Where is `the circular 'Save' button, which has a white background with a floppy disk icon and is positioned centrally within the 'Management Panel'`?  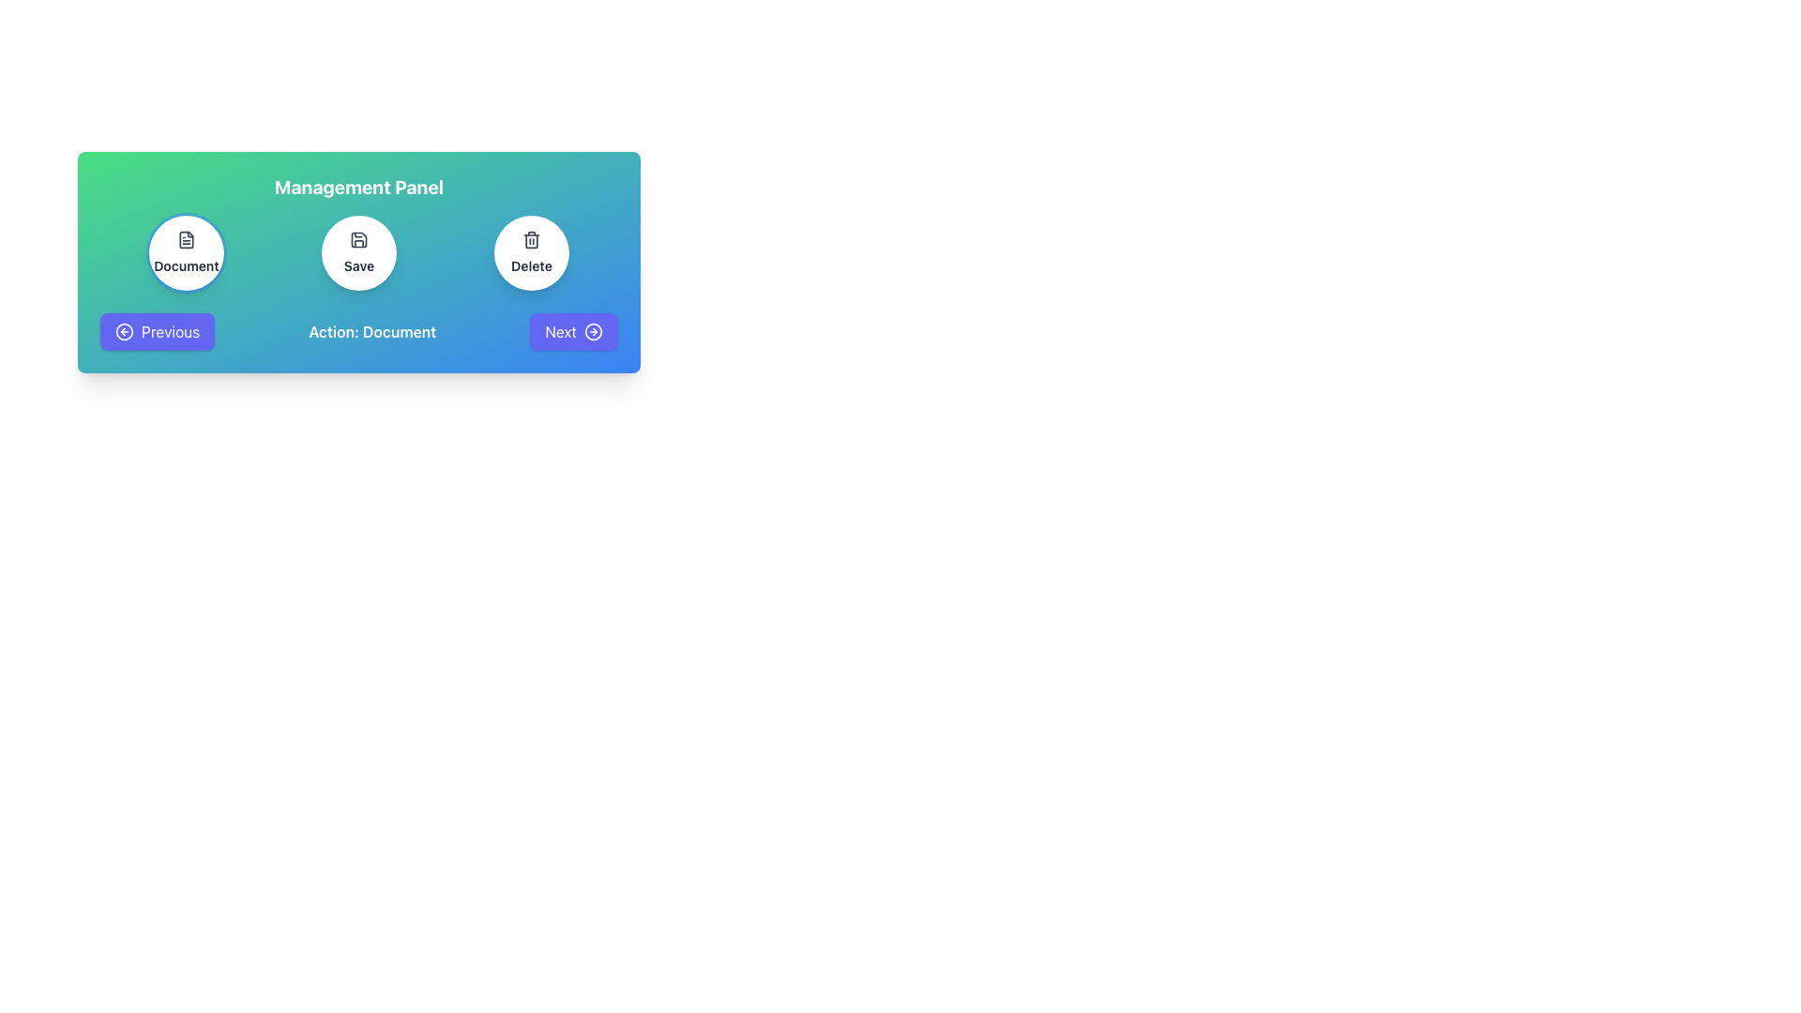
the circular 'Save' button, which has a white background with a floppy disk icon and is positioned centrally within the 'Management Panel' is located at coordinates (359, 263).